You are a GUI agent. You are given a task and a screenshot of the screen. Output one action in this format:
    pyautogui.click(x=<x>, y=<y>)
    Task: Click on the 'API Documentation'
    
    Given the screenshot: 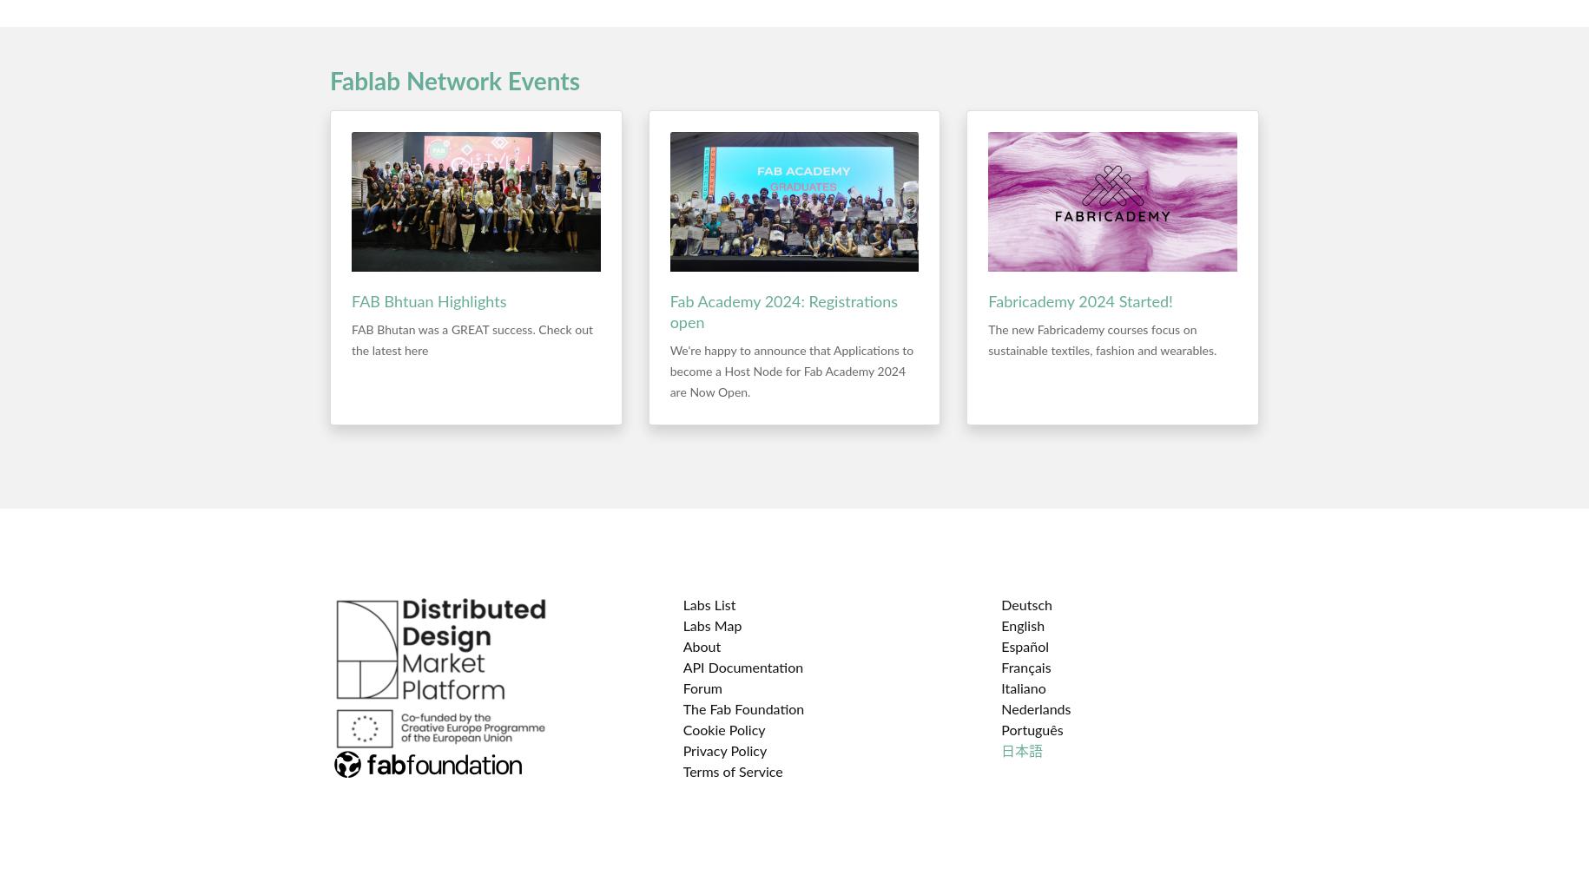 What is the action you would take?
    pyautogui.click(x=742, y=668)
    